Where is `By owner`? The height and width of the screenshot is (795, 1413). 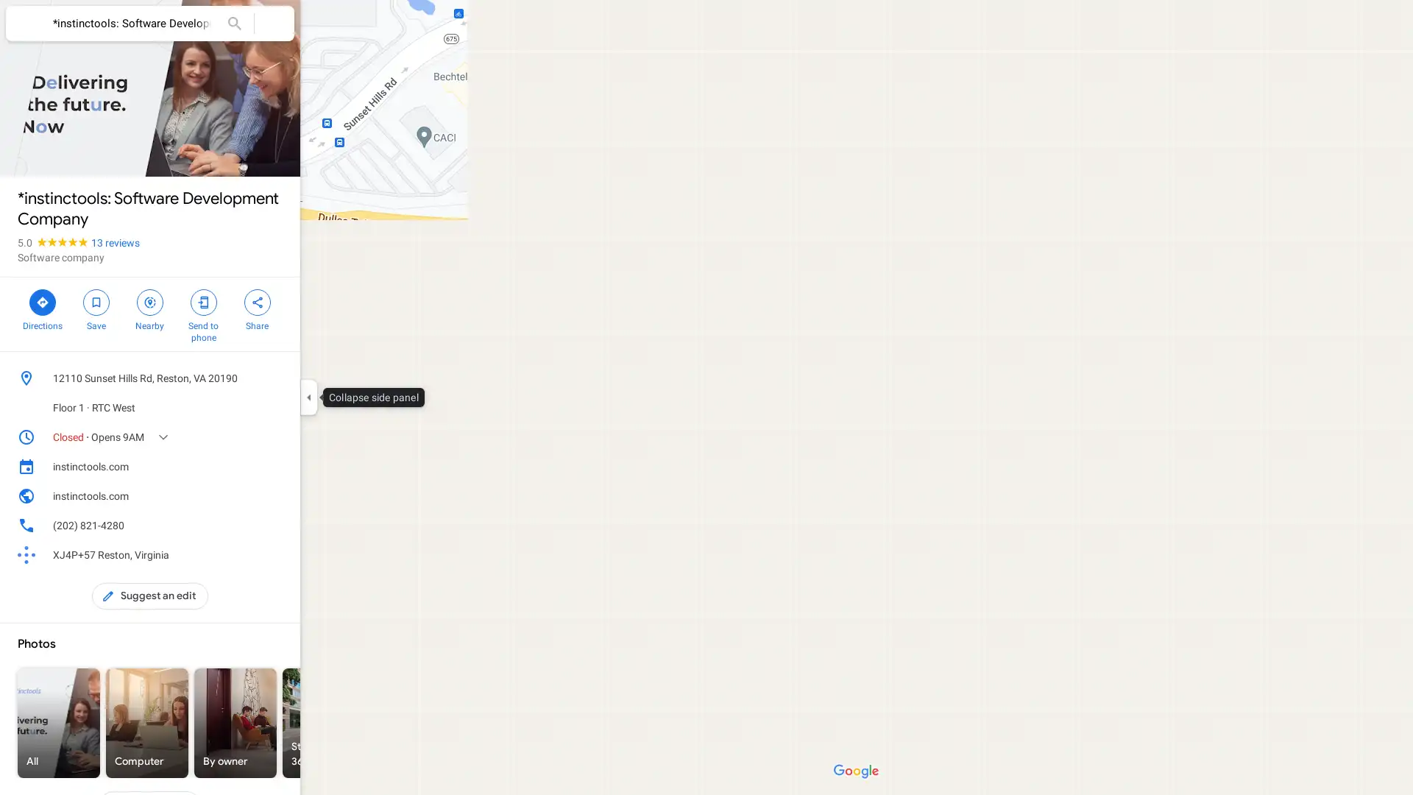 By owner is located at coordinates (235, 722).